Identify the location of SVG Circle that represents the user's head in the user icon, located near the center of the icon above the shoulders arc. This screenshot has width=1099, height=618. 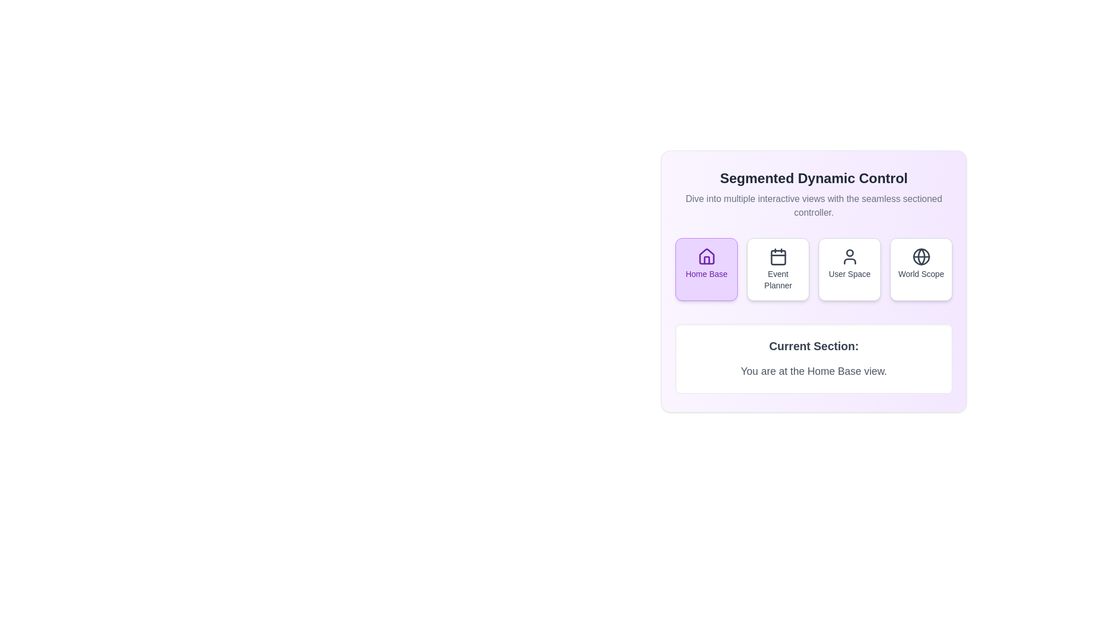
(849, 252).